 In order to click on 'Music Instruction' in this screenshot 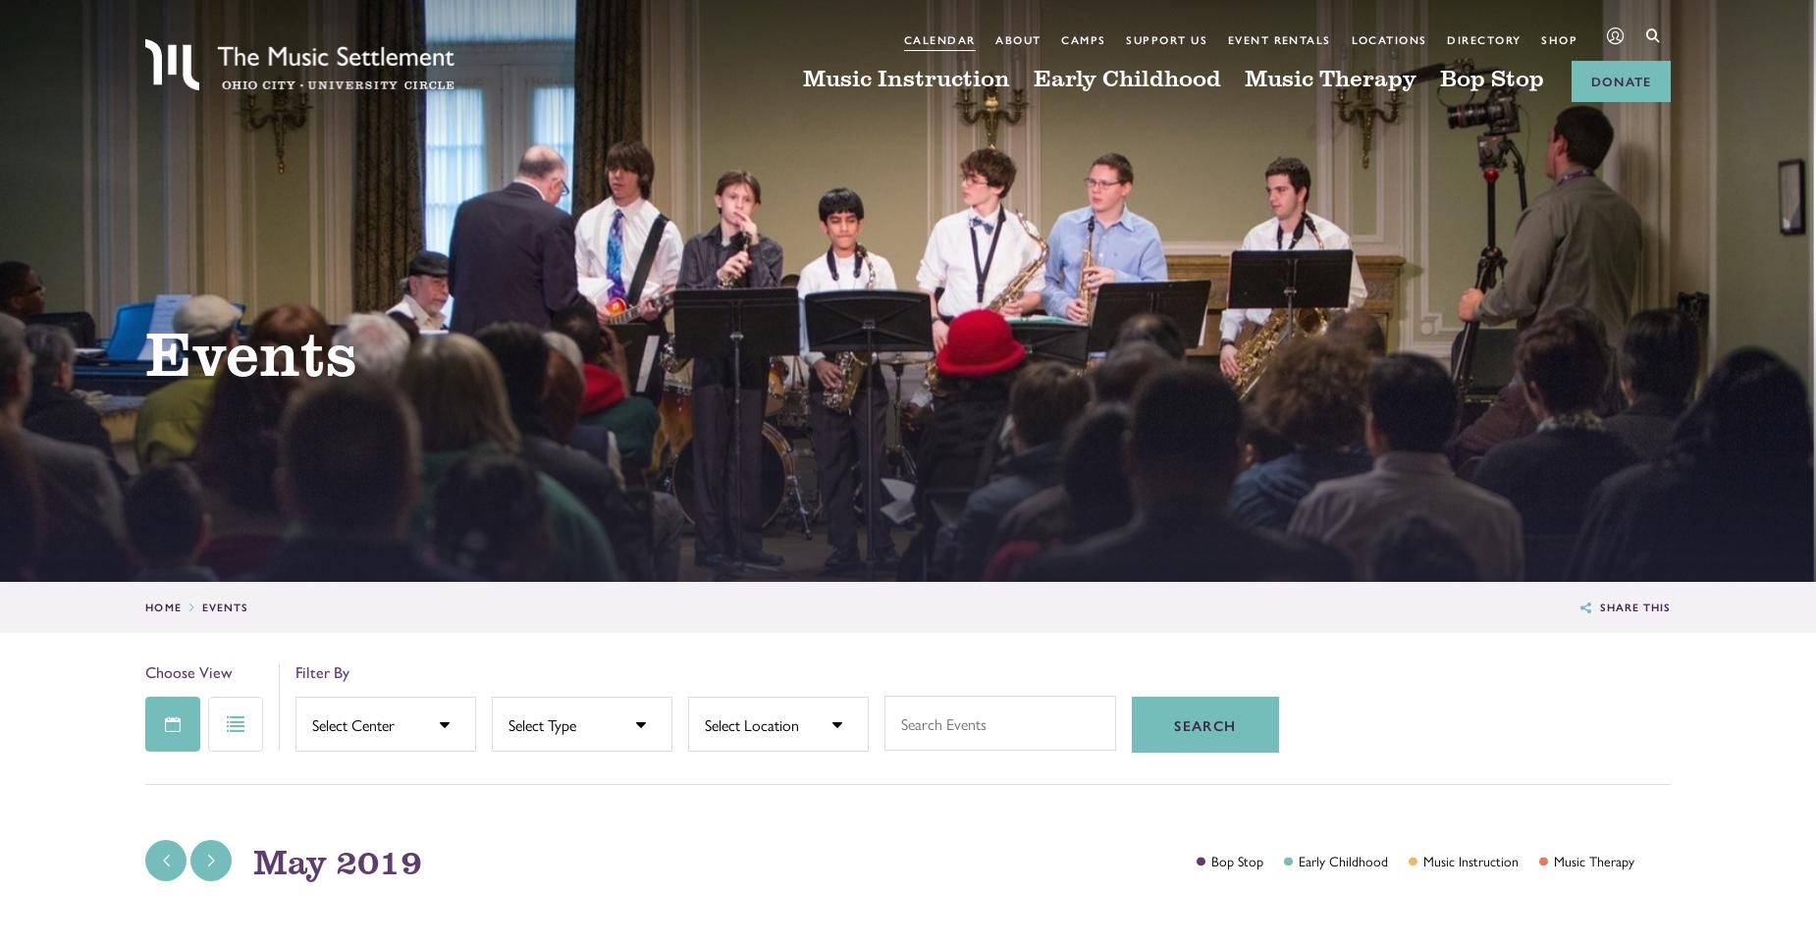, I will do `click(906, 77)`.